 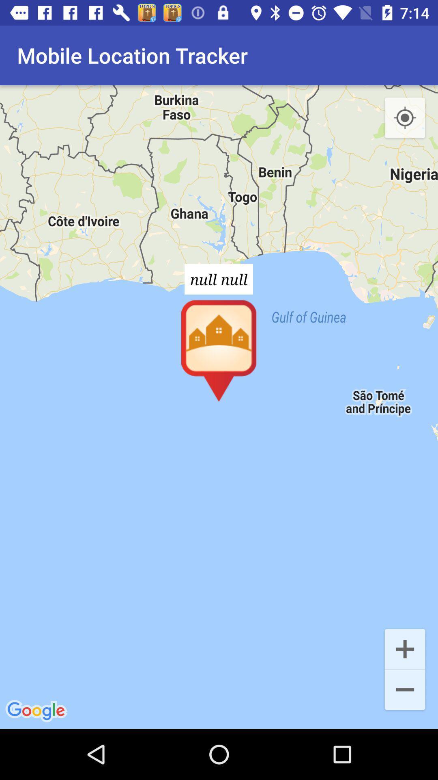 I want to click on icon at the center, so click(x=219, y=407).